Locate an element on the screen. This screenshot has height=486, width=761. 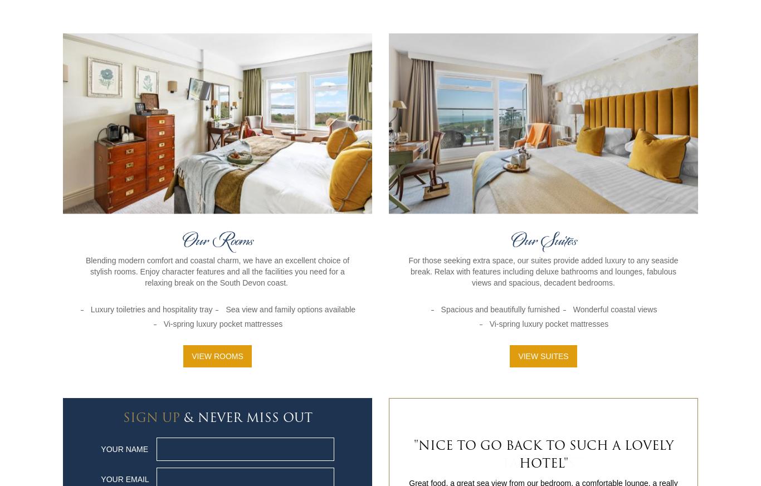
'Our Suites' is located at coordinates (543, 240).